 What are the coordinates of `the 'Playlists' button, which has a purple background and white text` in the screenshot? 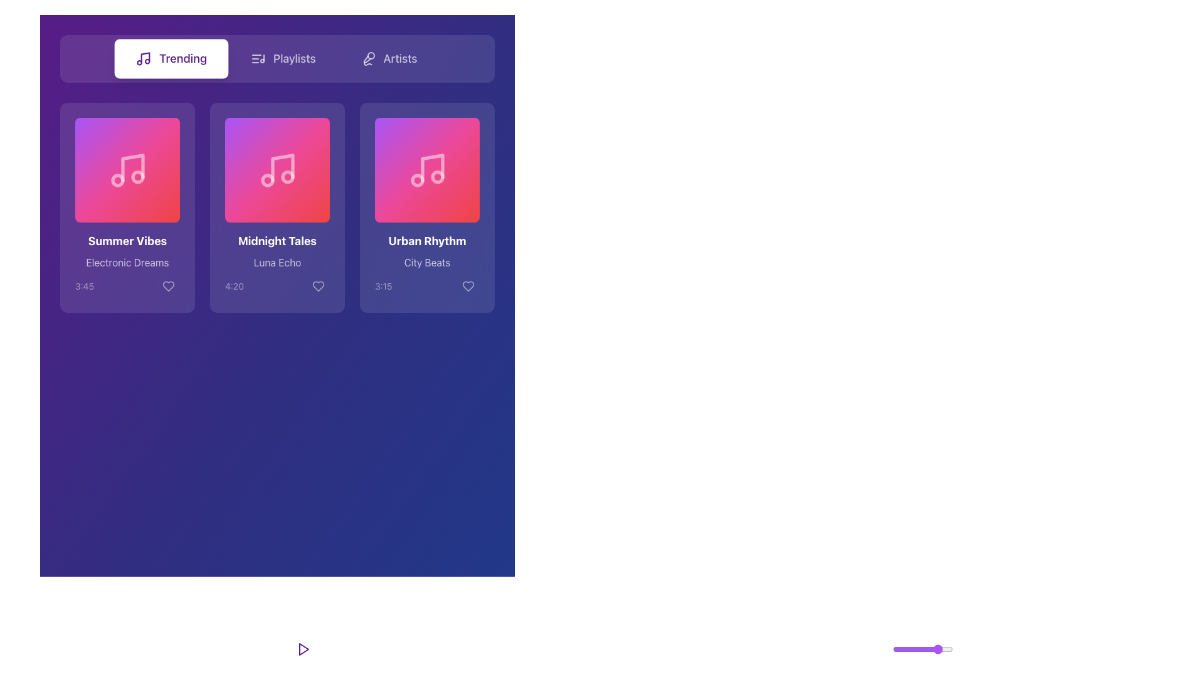 It's located at (282, 58).